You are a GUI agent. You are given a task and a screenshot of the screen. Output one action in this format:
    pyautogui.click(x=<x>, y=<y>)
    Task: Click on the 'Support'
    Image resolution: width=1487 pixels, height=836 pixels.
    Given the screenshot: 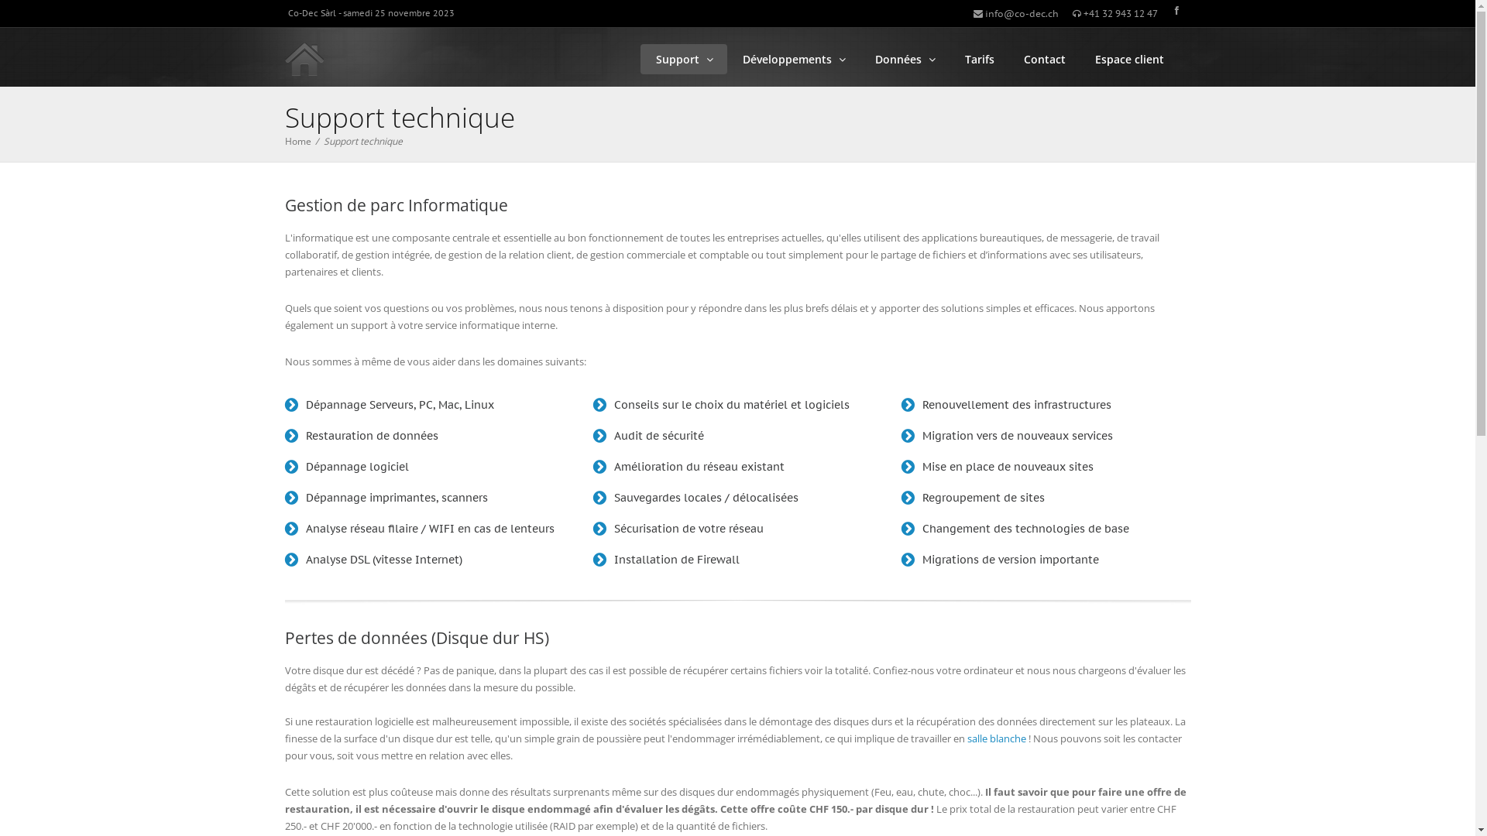 What is the action you would take?
    pyautogui.click(x=640, y=58)
    